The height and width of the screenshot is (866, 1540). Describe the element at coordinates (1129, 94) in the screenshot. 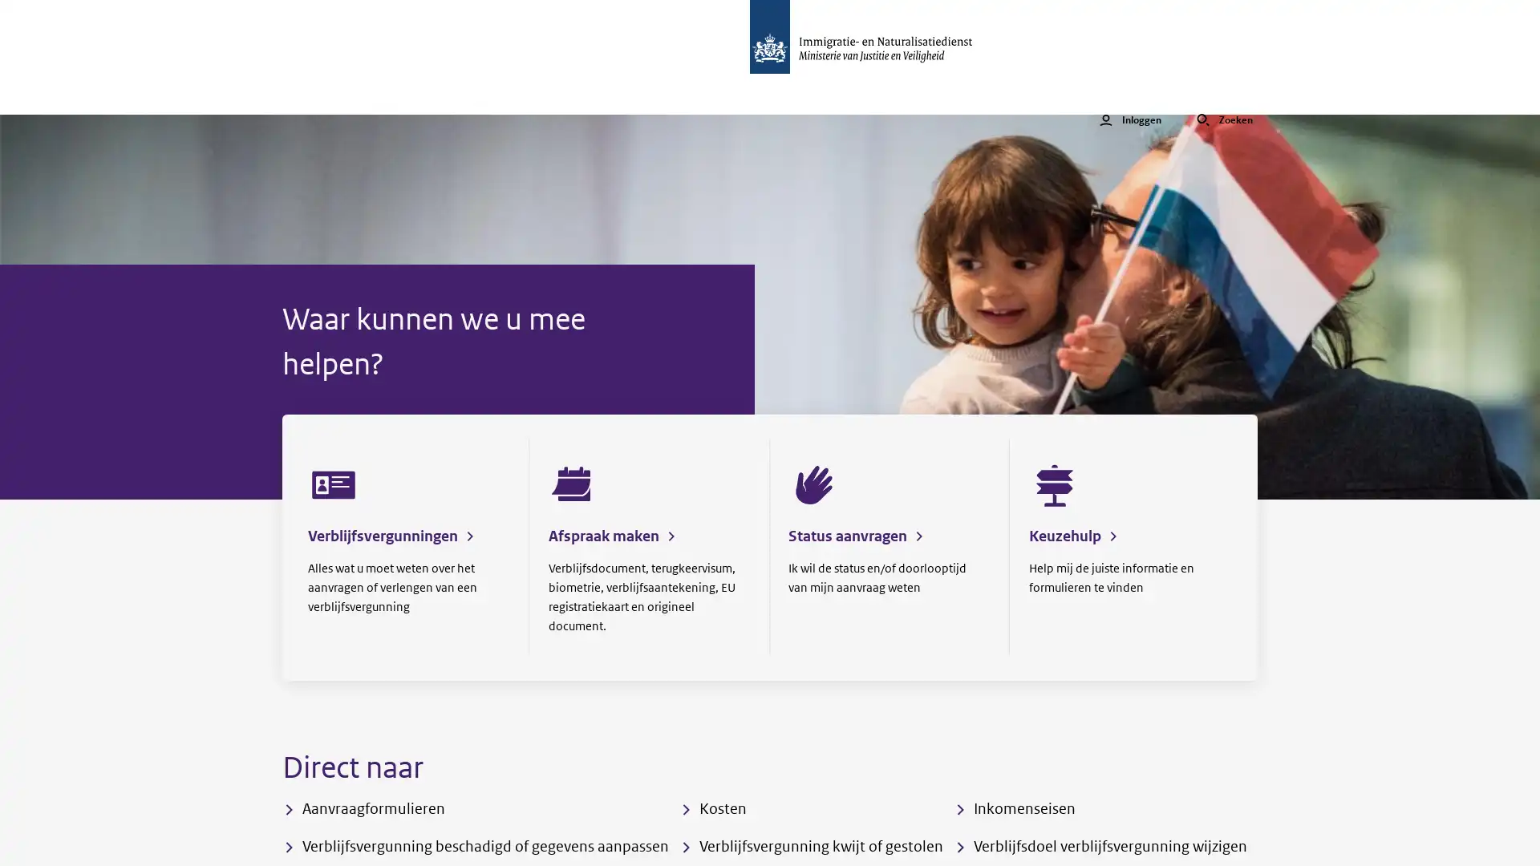

I see `1 Inloggen` at that location.